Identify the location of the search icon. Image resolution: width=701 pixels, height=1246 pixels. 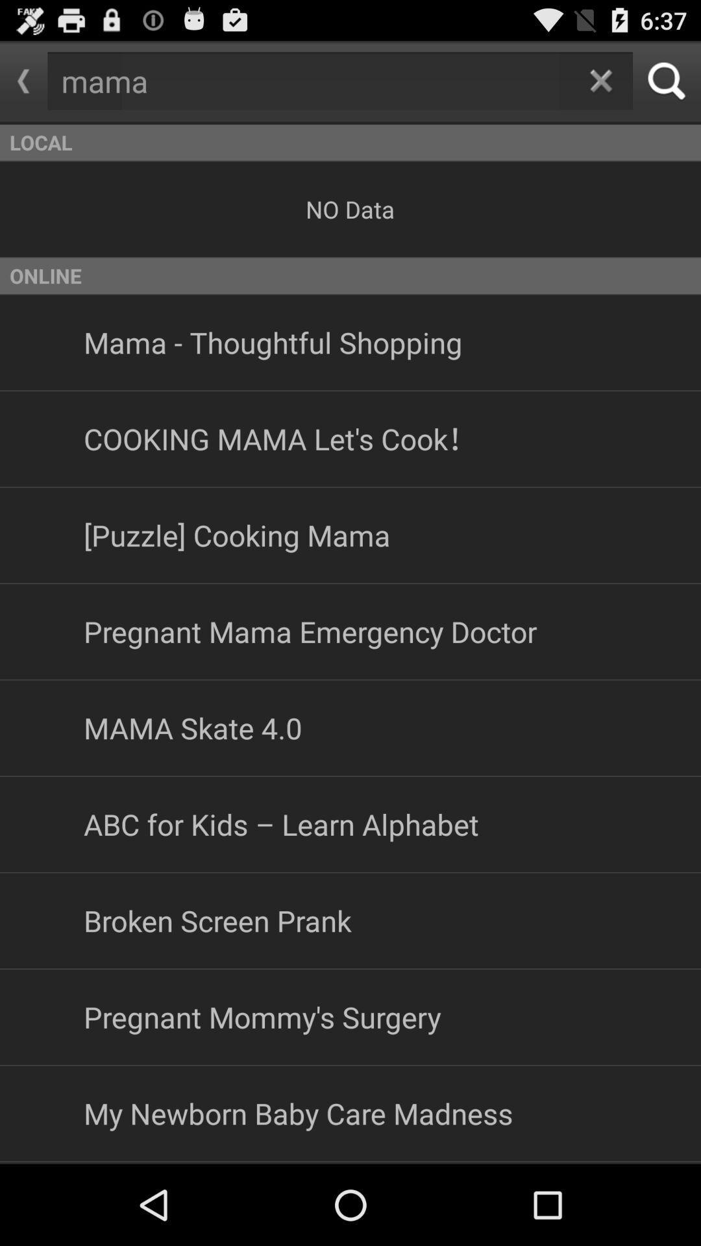
(667, 86).